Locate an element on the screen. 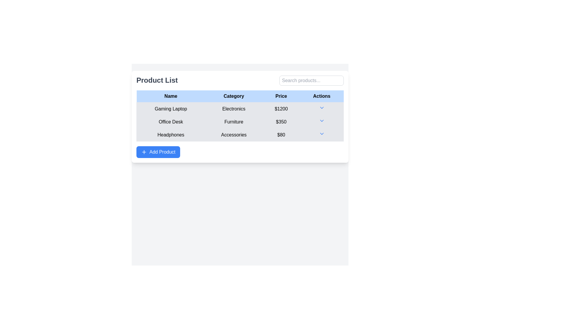 The width and height of the screenshot is (567, 319). the third row in the table containing 'Headphones', 'Accessories', and '$80' for further actions like editing or deleting is located at coordinates (240, 135).